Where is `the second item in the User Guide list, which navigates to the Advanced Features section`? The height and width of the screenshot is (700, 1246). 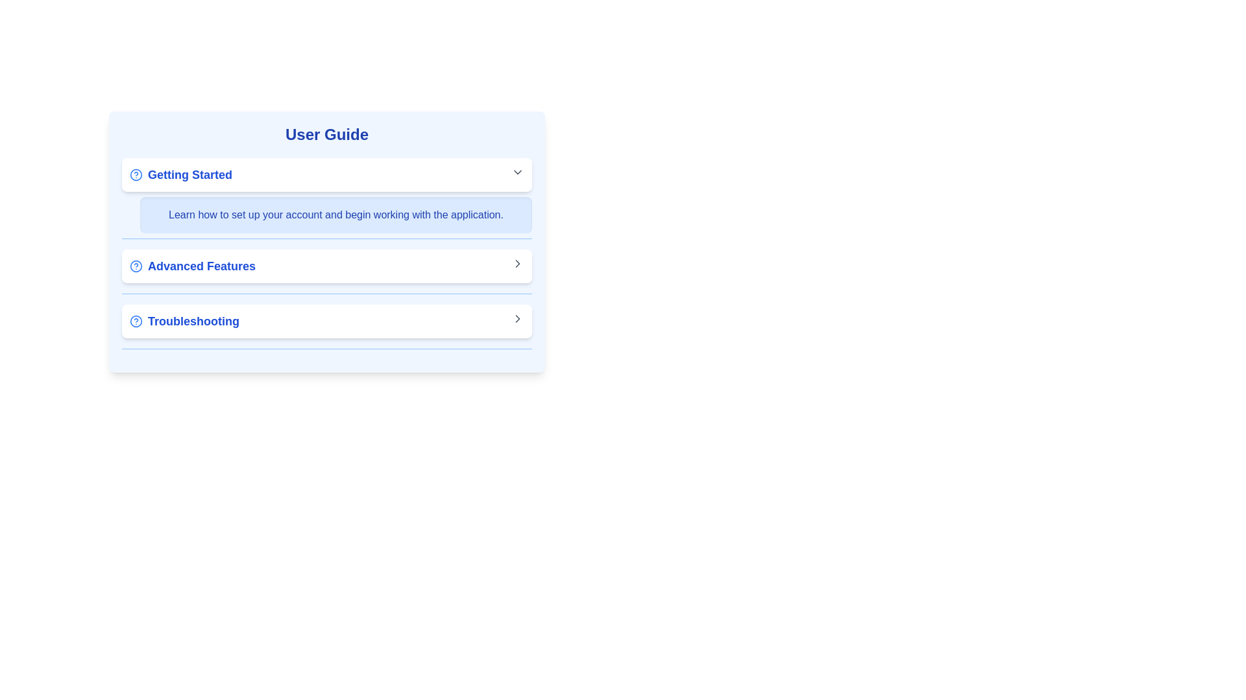
the second item in the User Guide list, which navigates to the Advanced Features section is located at coordinates (327, 271).